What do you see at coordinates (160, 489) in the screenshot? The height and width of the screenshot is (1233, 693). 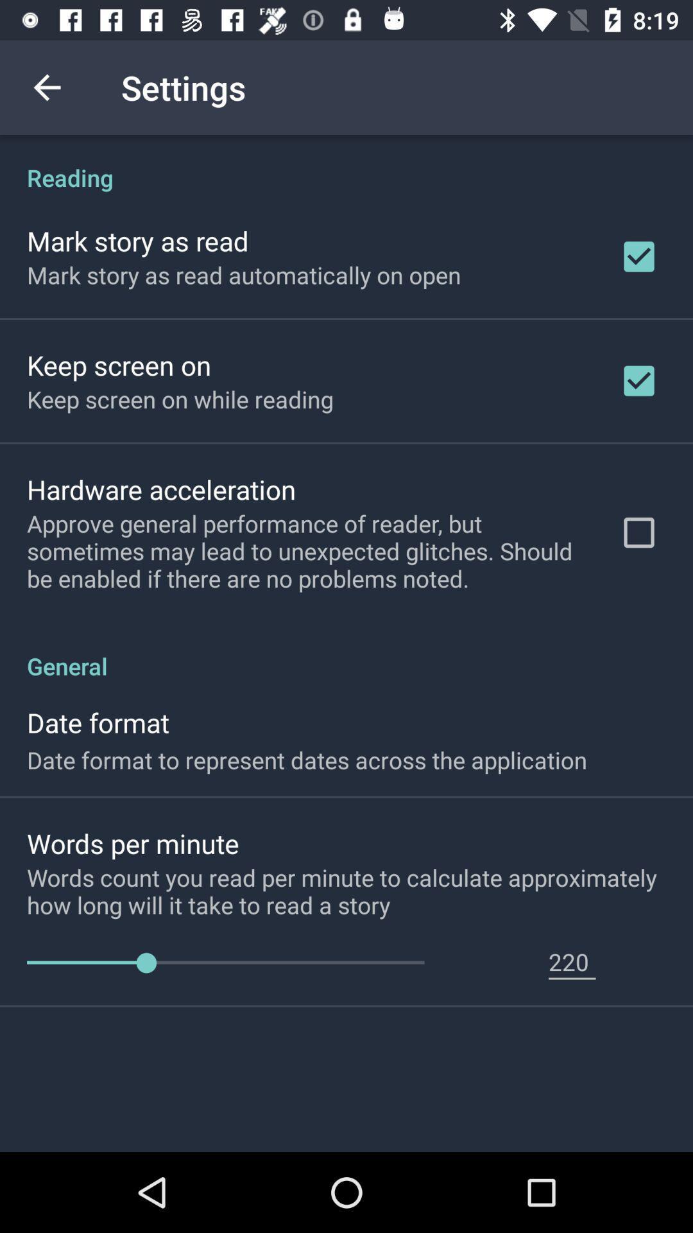 I see `hardware acceleration item` at bounding box center [160, 489].